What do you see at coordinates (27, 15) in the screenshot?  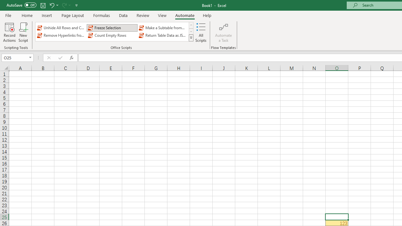 I see `'Home'` at bounding box center [27, 15].